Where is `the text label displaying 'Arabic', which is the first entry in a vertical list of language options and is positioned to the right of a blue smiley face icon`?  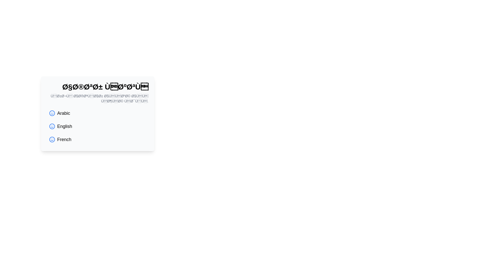 the text label displaying 'Arabic', which is the first entry in a vertical list of language options and is positioned to the right of a blue smiley face icon is located at coordinates (63, 113).